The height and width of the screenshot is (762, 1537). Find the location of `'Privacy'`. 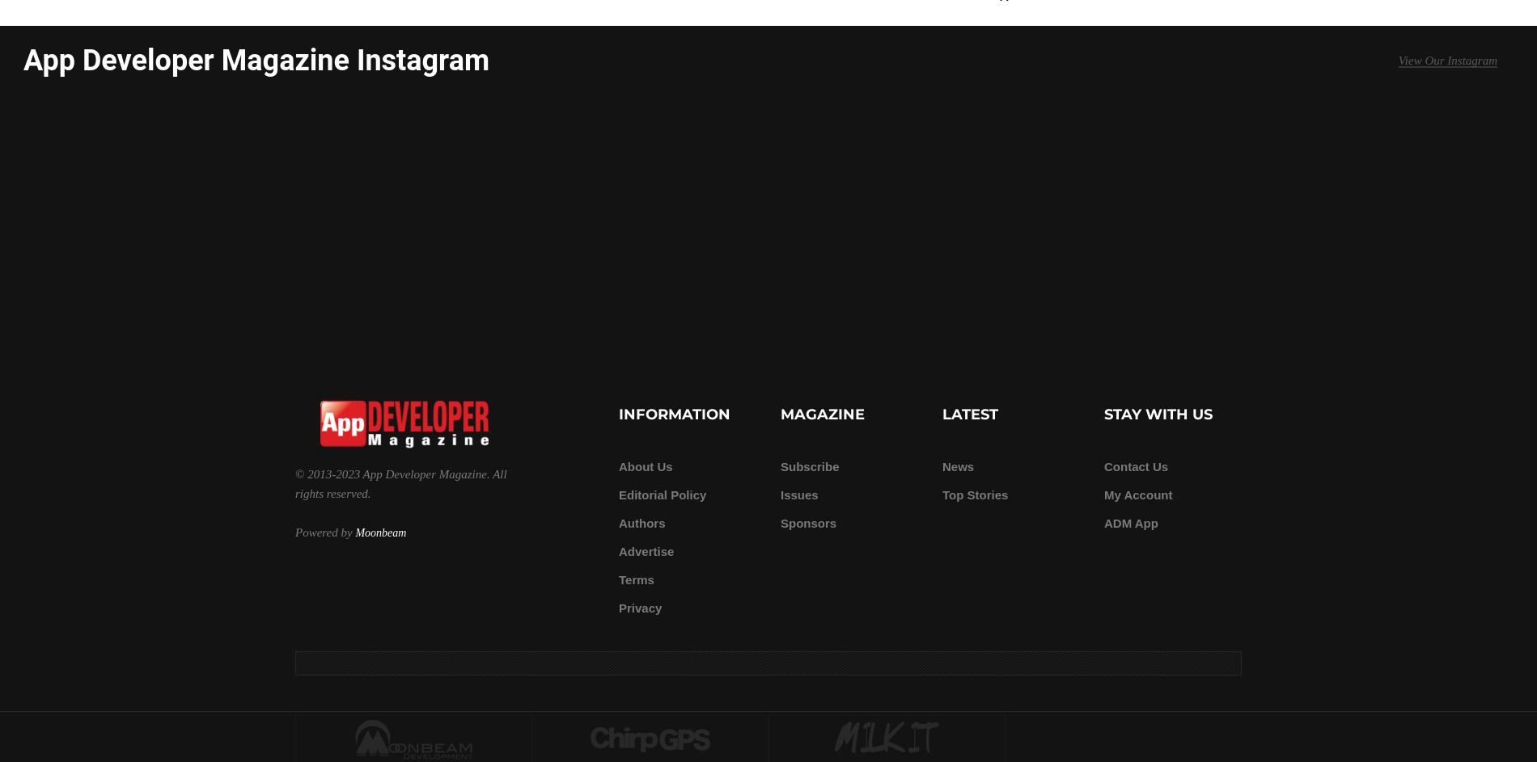

'Privacy' is located at coordinates (639, 608).